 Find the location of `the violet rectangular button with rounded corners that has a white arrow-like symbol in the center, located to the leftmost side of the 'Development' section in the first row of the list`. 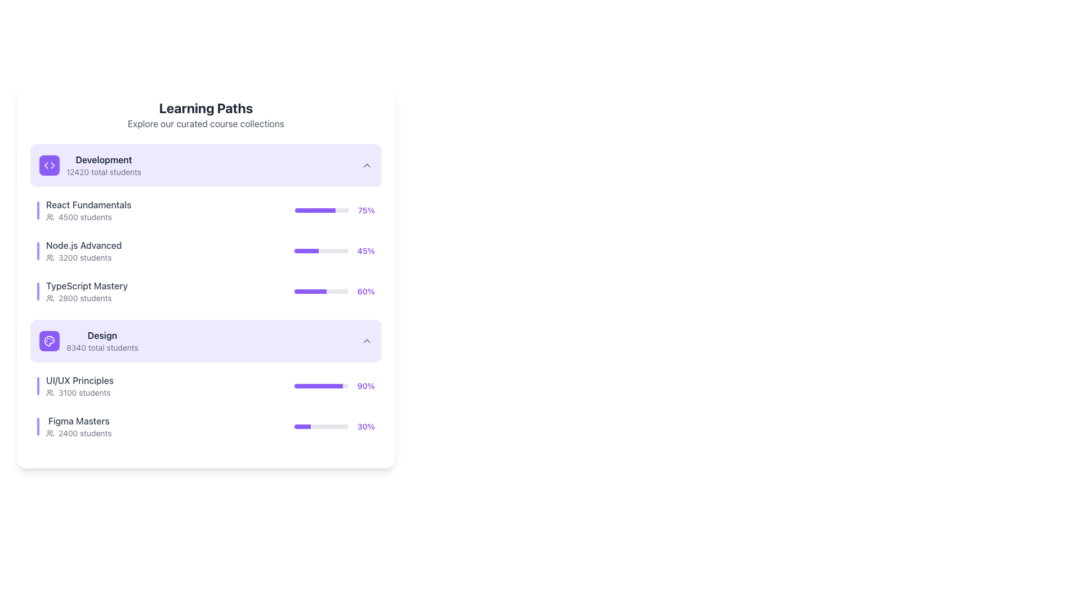

the violet rectangular button with rounded corners that has a white arrow-like symbol in the center, located to the leftmost side of the 'Development' section in the first row of the list is located at coordinates (48, 165).